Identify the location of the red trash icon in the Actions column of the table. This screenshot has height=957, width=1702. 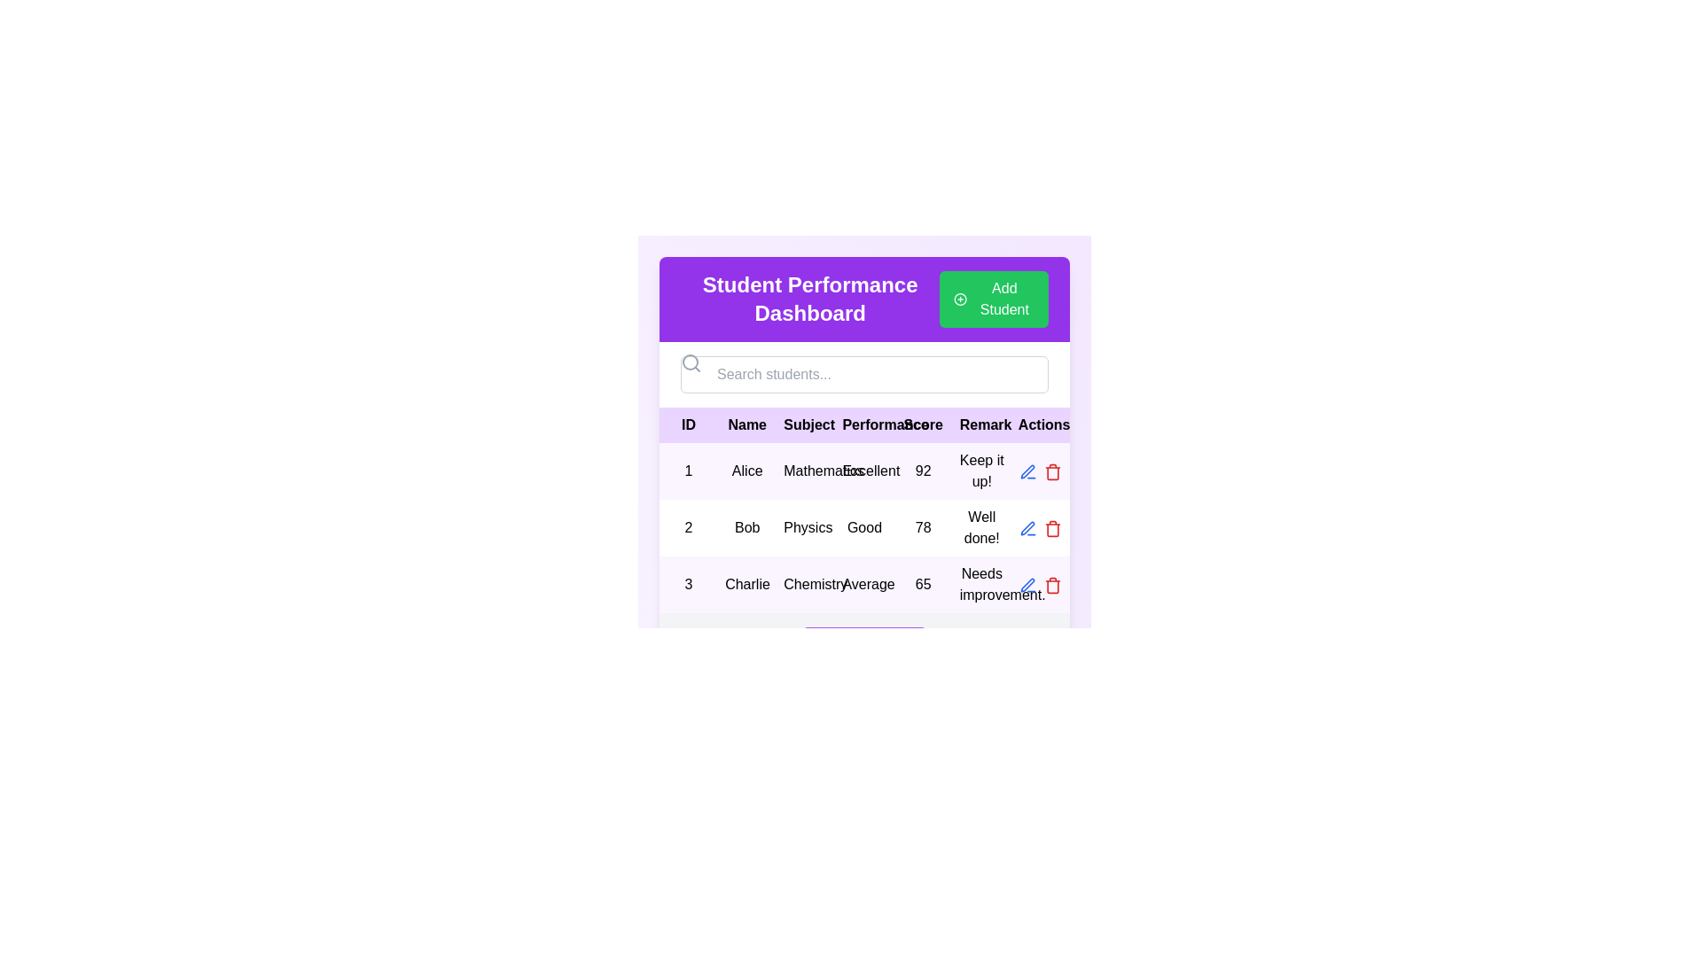
(1052, 527).